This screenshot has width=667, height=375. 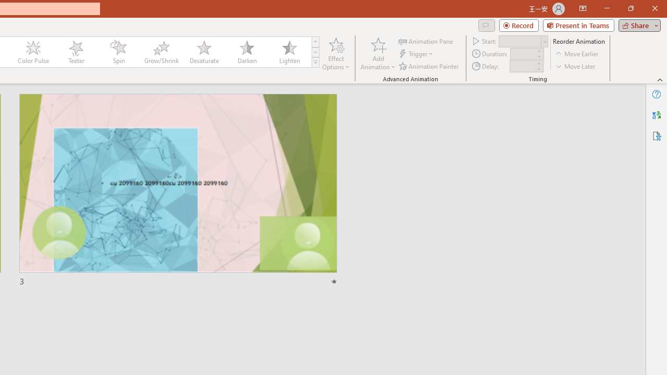 What do you see at coordinates (33, 52) in the screenshot?
I see `'Color Pulse'` at bounding box center [33, 52].